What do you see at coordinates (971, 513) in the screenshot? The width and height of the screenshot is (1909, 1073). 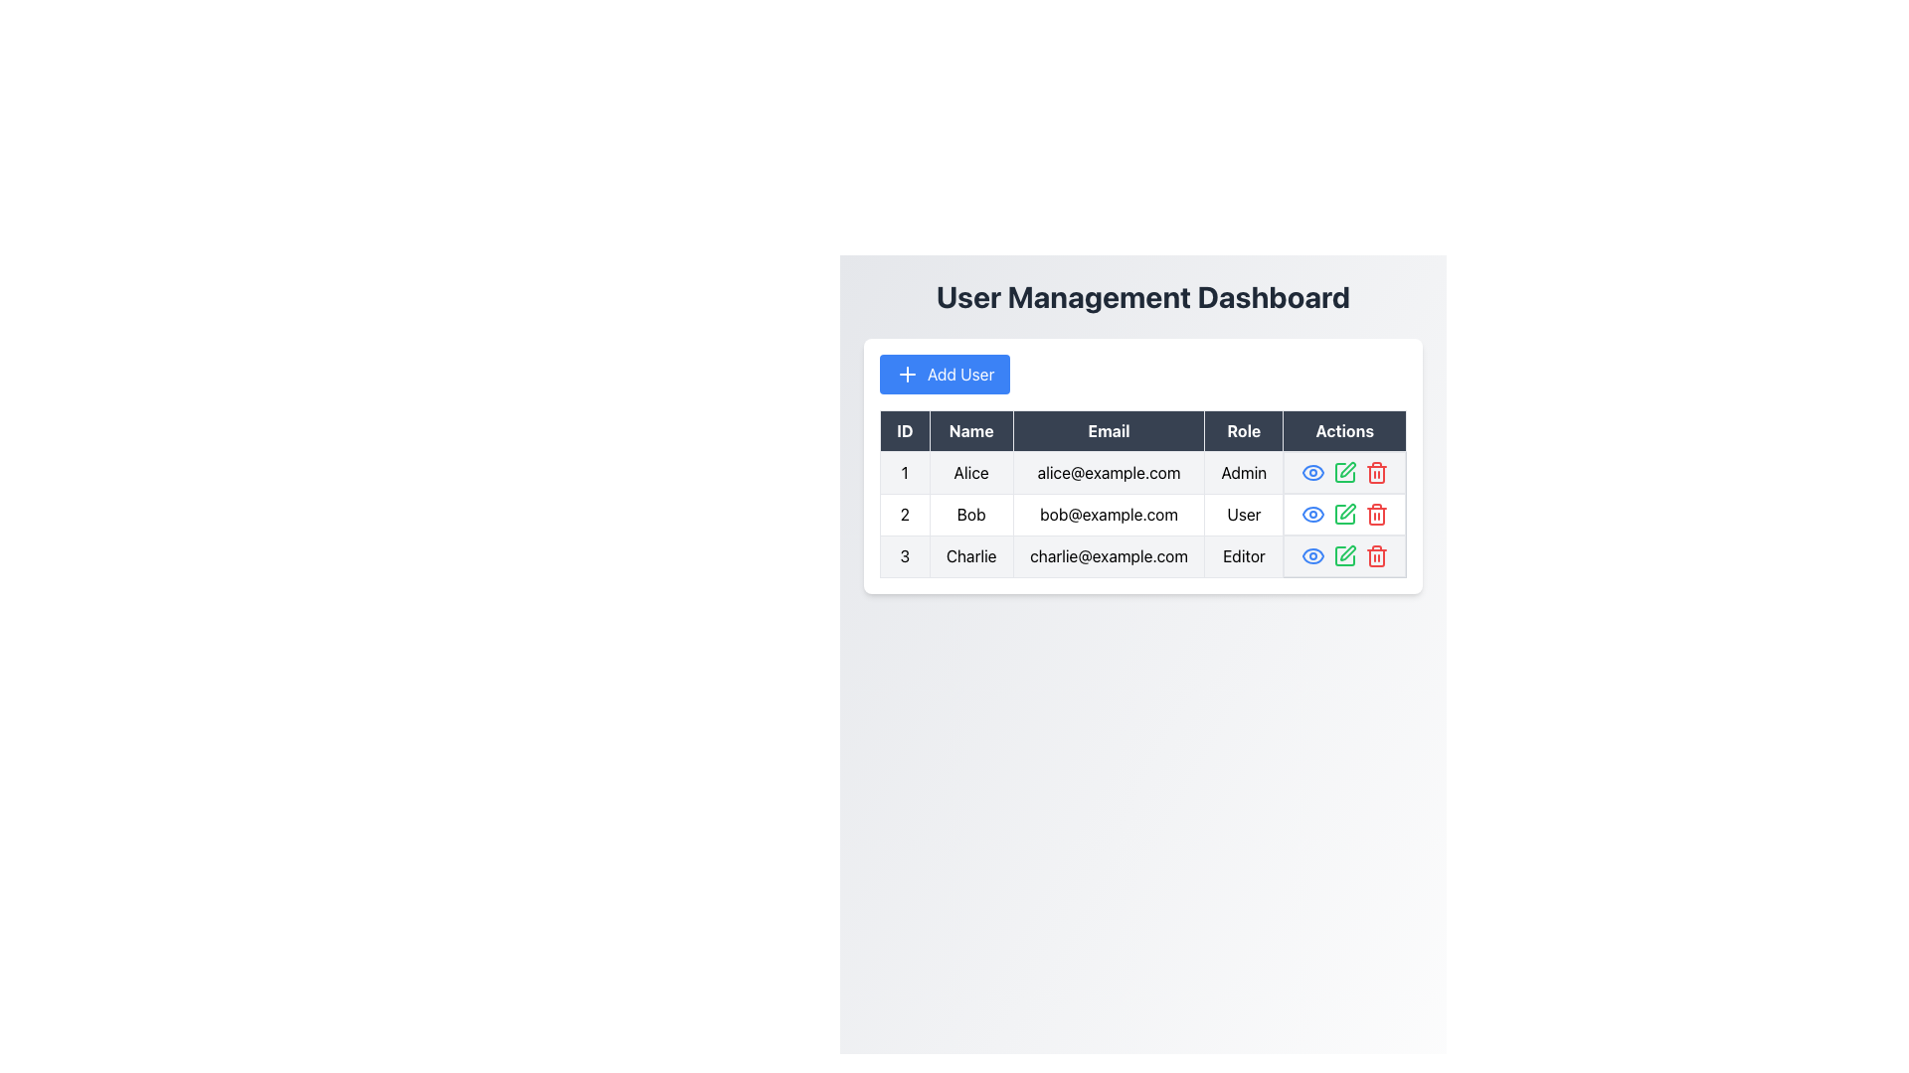 I see `text content of the Text Label representing the user's displayed name in the user management table, located in the second column of the second row` at bounding box center [971, 513].